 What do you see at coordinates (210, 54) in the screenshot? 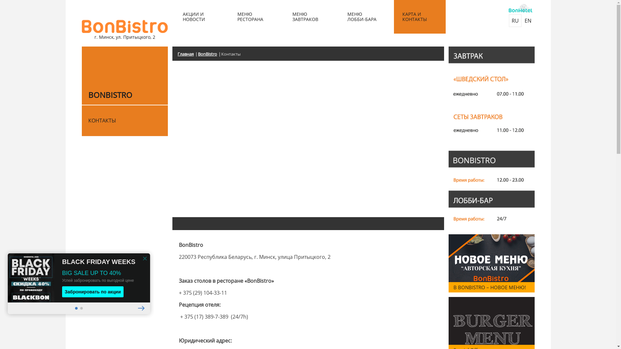
I see `'BonBistro'` at bounding box center [210, 54].